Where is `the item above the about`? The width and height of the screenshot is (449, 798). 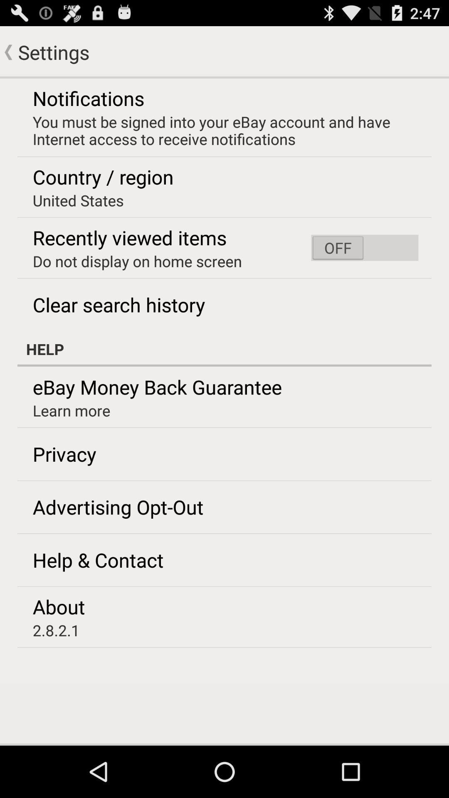 the item above the about is located at coordinates (98, 560).